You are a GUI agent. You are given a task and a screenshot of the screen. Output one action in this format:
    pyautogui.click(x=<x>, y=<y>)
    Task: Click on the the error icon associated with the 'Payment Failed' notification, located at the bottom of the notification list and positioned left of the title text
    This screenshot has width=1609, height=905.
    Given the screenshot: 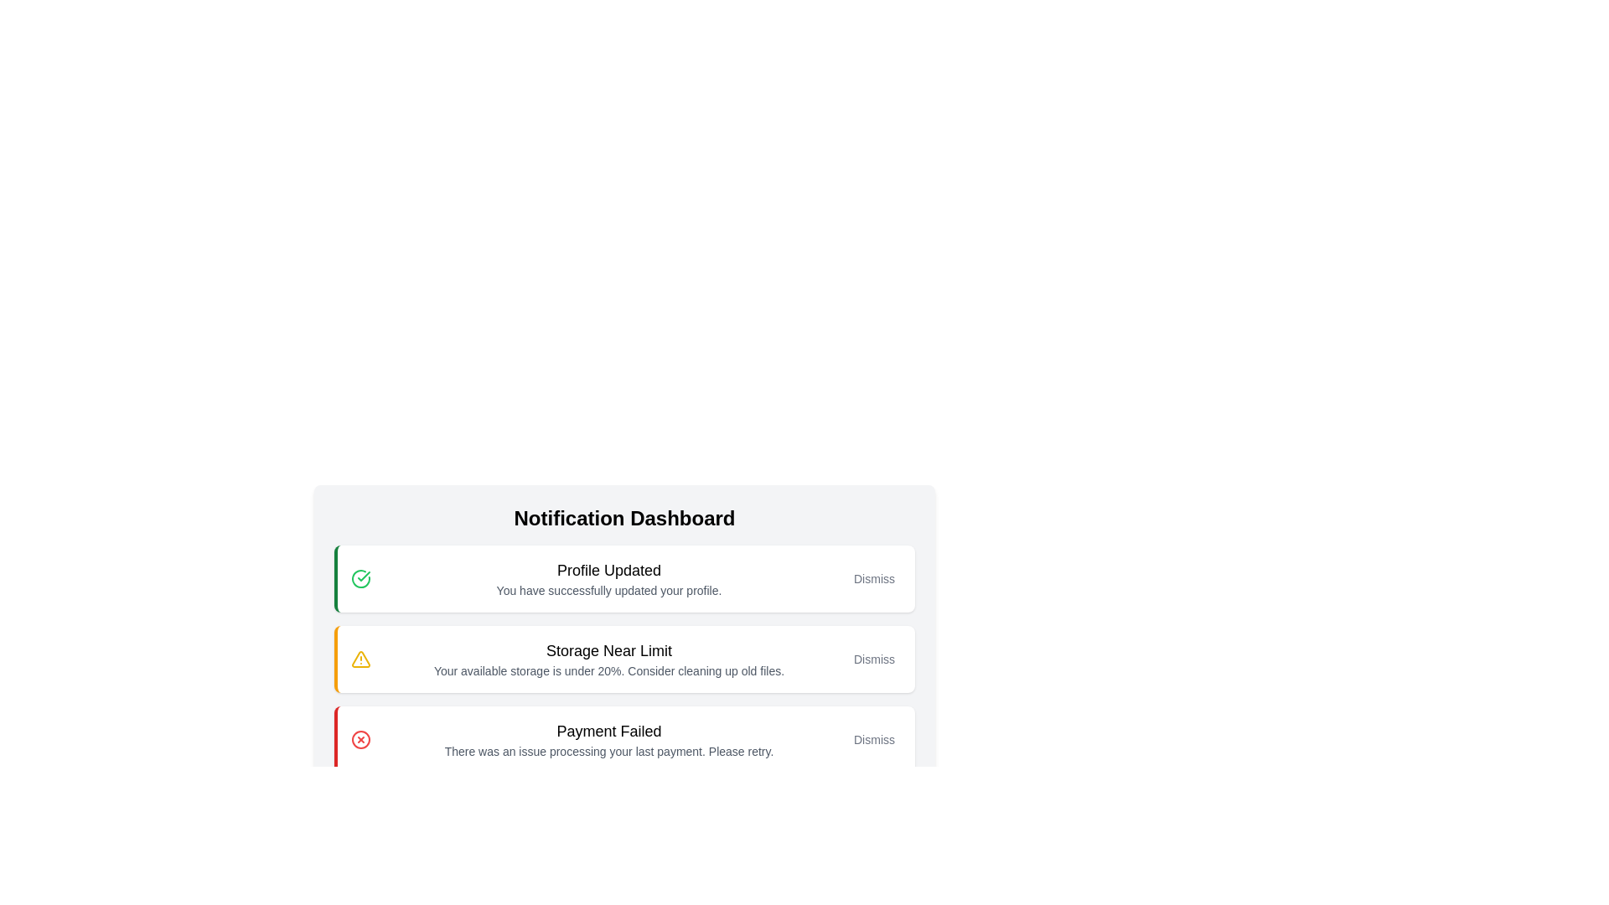 What is the action you would take?
    pyautogui.click(x=360, y=739)
    